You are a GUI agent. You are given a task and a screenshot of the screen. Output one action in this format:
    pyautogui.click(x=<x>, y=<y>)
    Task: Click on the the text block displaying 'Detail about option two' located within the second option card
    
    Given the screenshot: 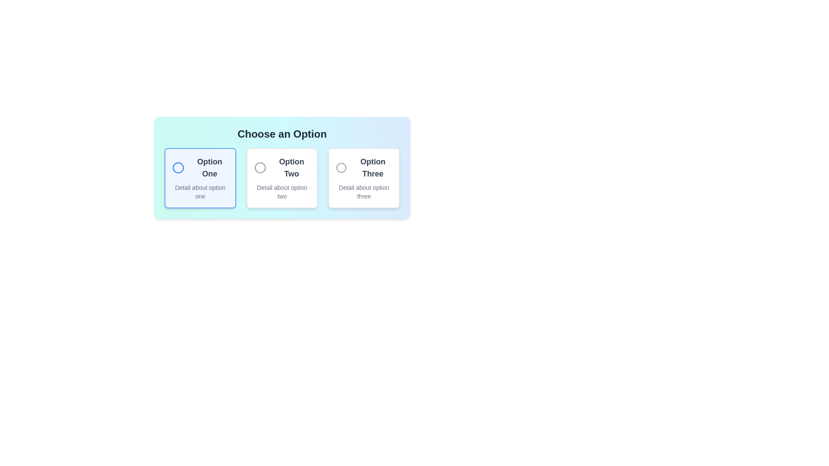 What is the action you would take?
    pyautogui.click(x=282, y=191)
    